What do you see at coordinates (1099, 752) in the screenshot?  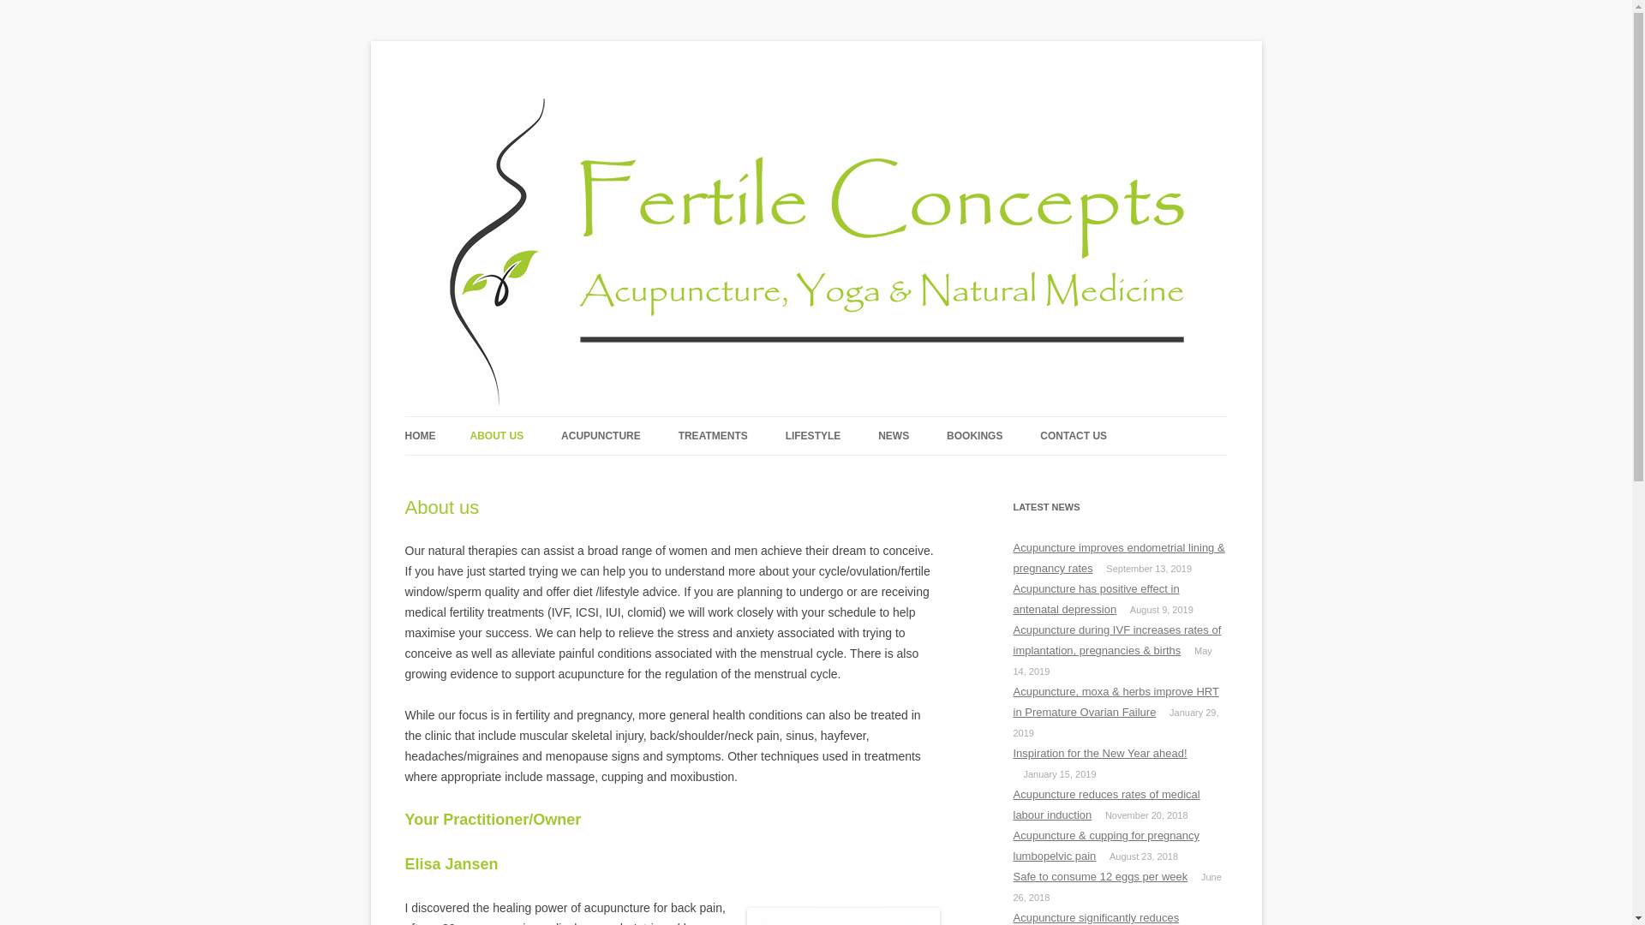 I see `'Inspiration for the New Year ahead!'` at bounding box center [1099, 752].